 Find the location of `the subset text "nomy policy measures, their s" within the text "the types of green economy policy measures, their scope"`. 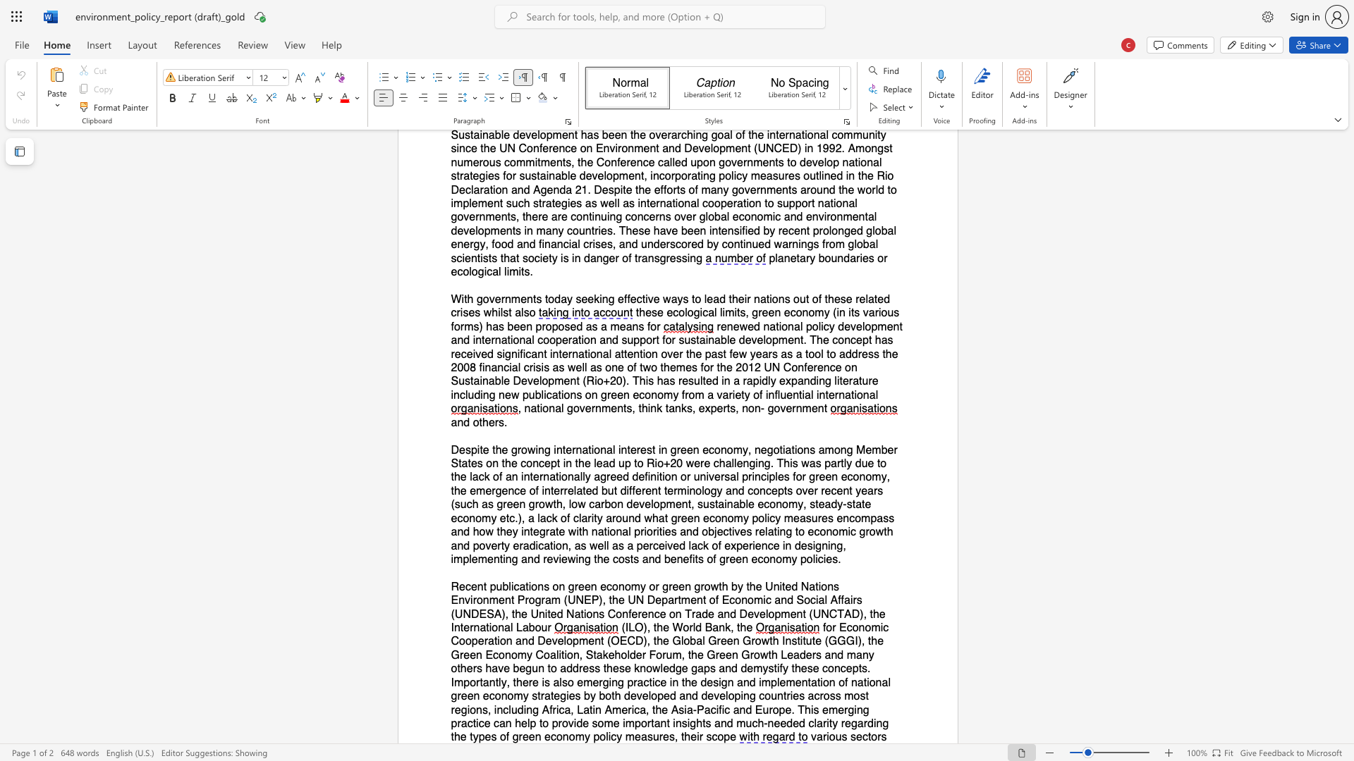

the subset text "nomy policy measures, their s" within the text "the types of green economy policy measures, their scope" is located at coordinates (561, 736).